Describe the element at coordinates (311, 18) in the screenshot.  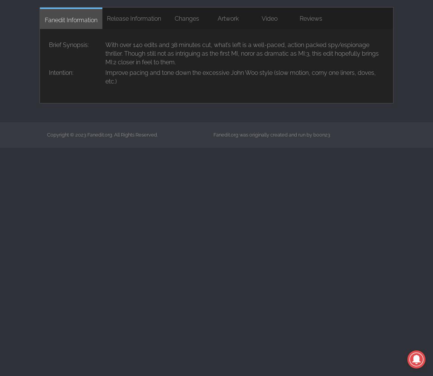
I see `'Reviews'` at that location.